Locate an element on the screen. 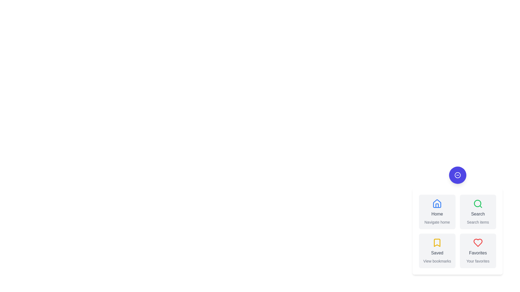 The width and height of the screenshot is (520, 292). the 'Favorites' button to view your favorites is located at coordinates (478, 251).